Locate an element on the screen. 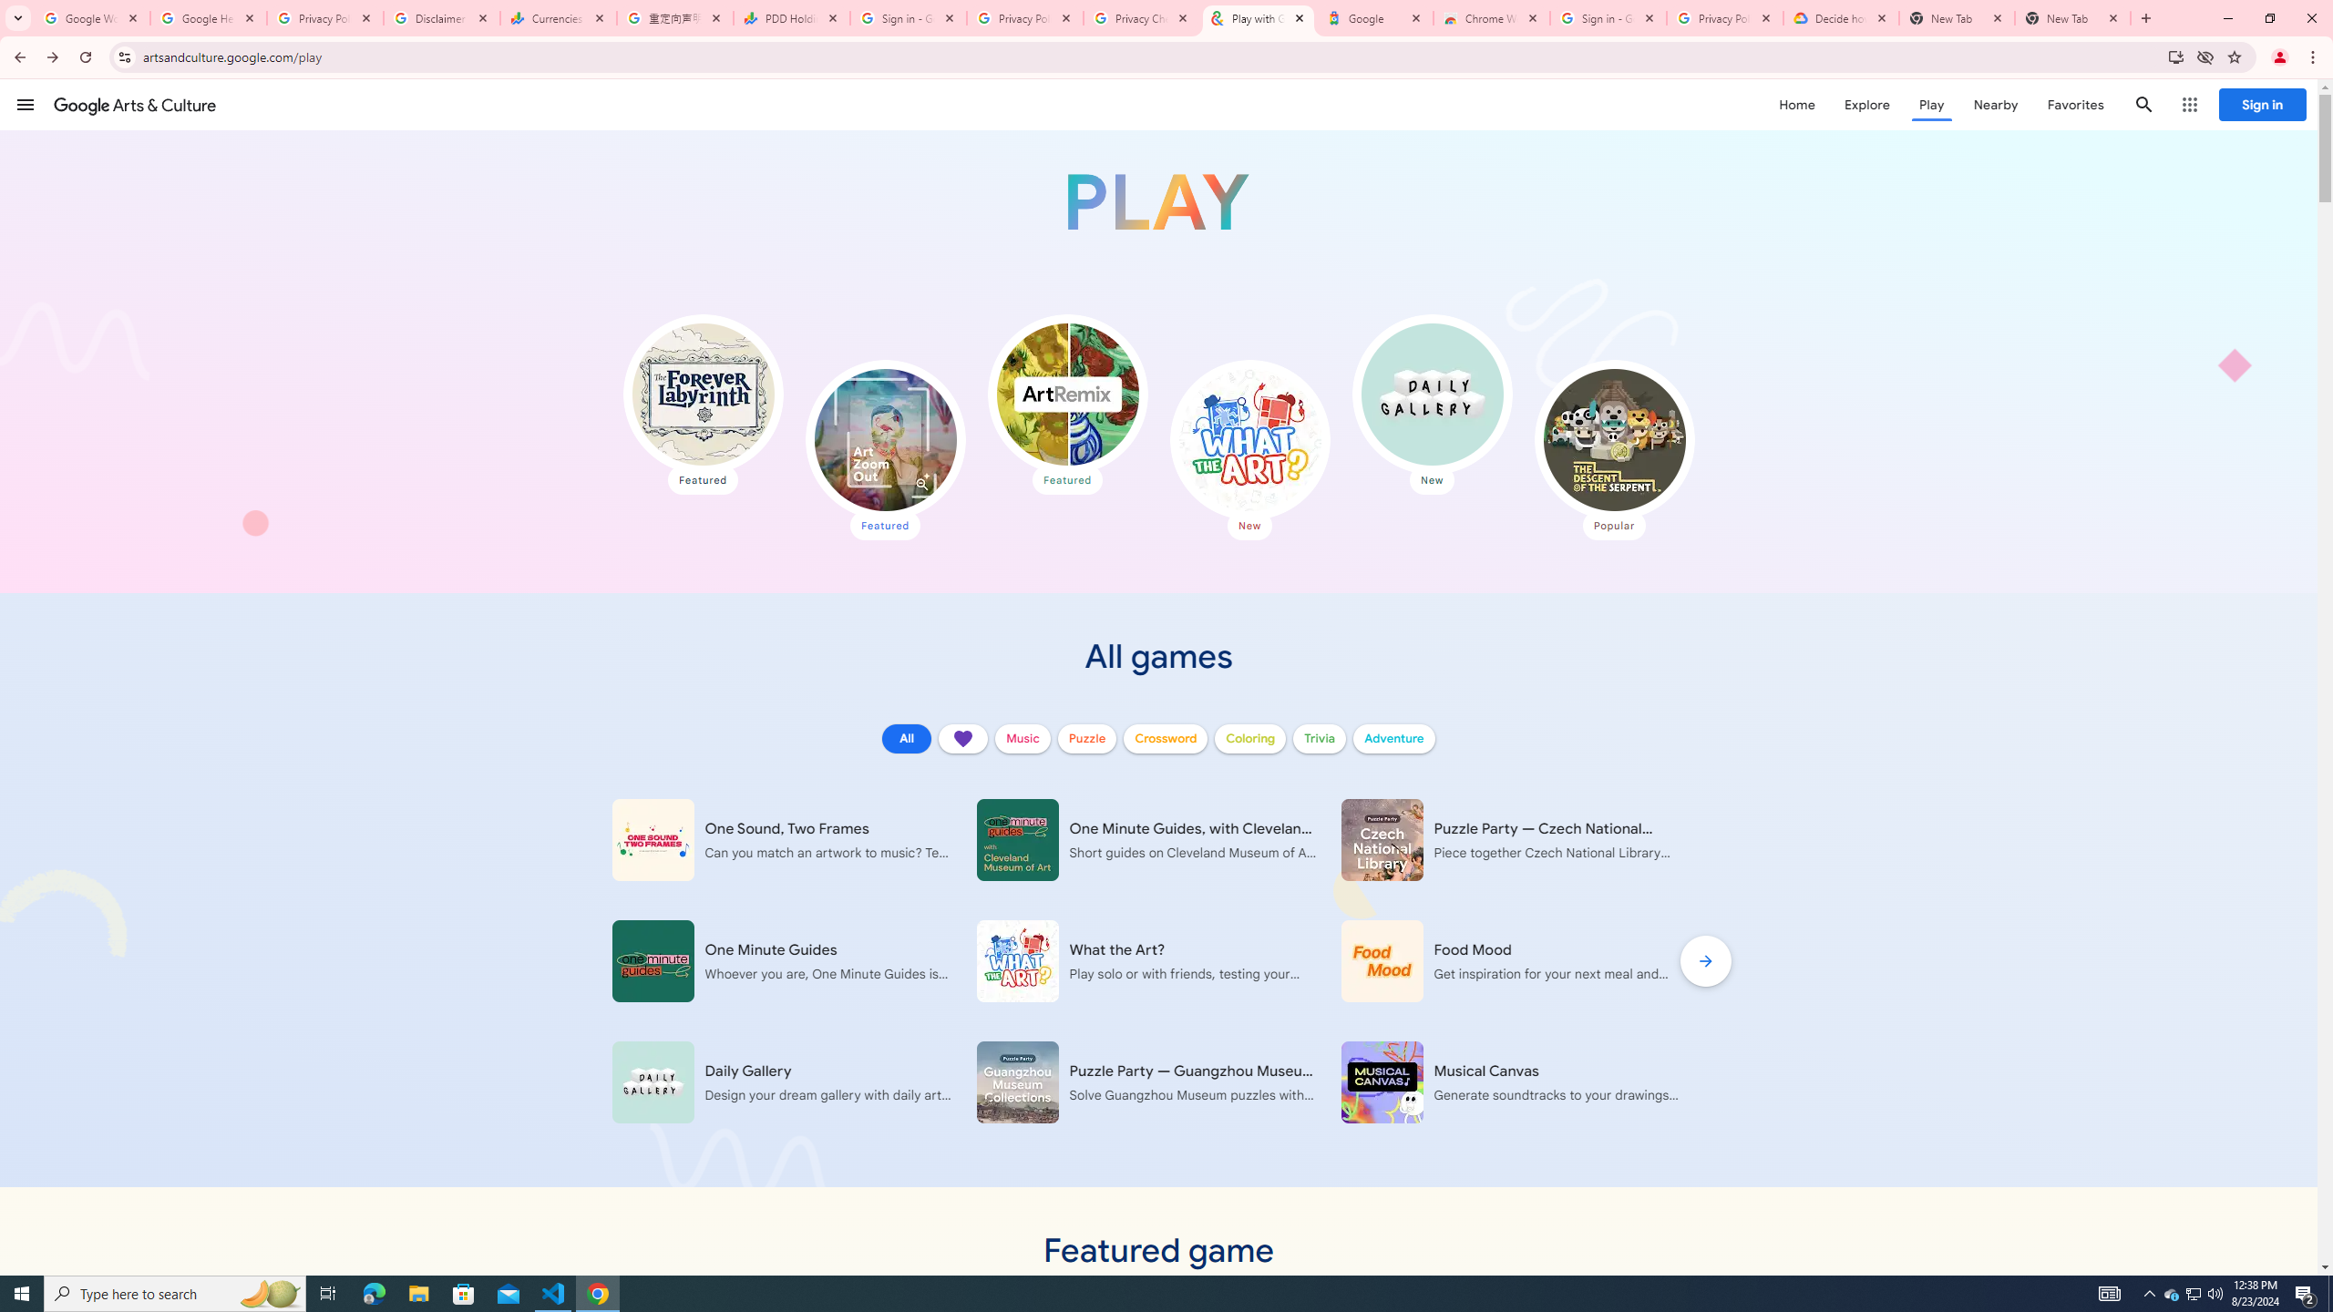 This screenshot has width=2333, height=1312. 'Favorites' is located at coordinates (2074, 104).